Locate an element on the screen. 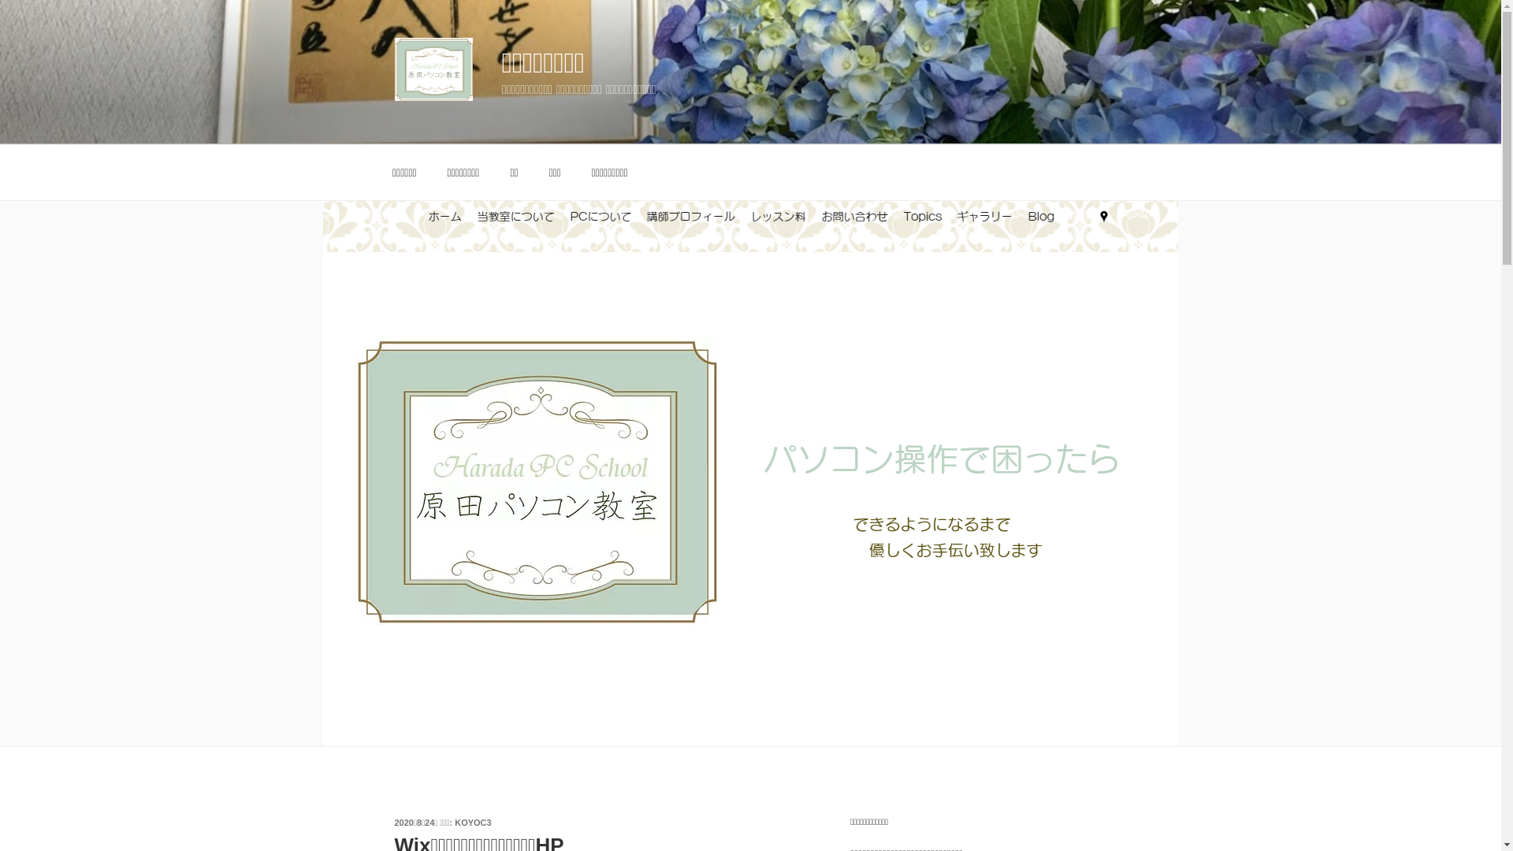  'KOYOC3' is located at coordinates (472, 822).